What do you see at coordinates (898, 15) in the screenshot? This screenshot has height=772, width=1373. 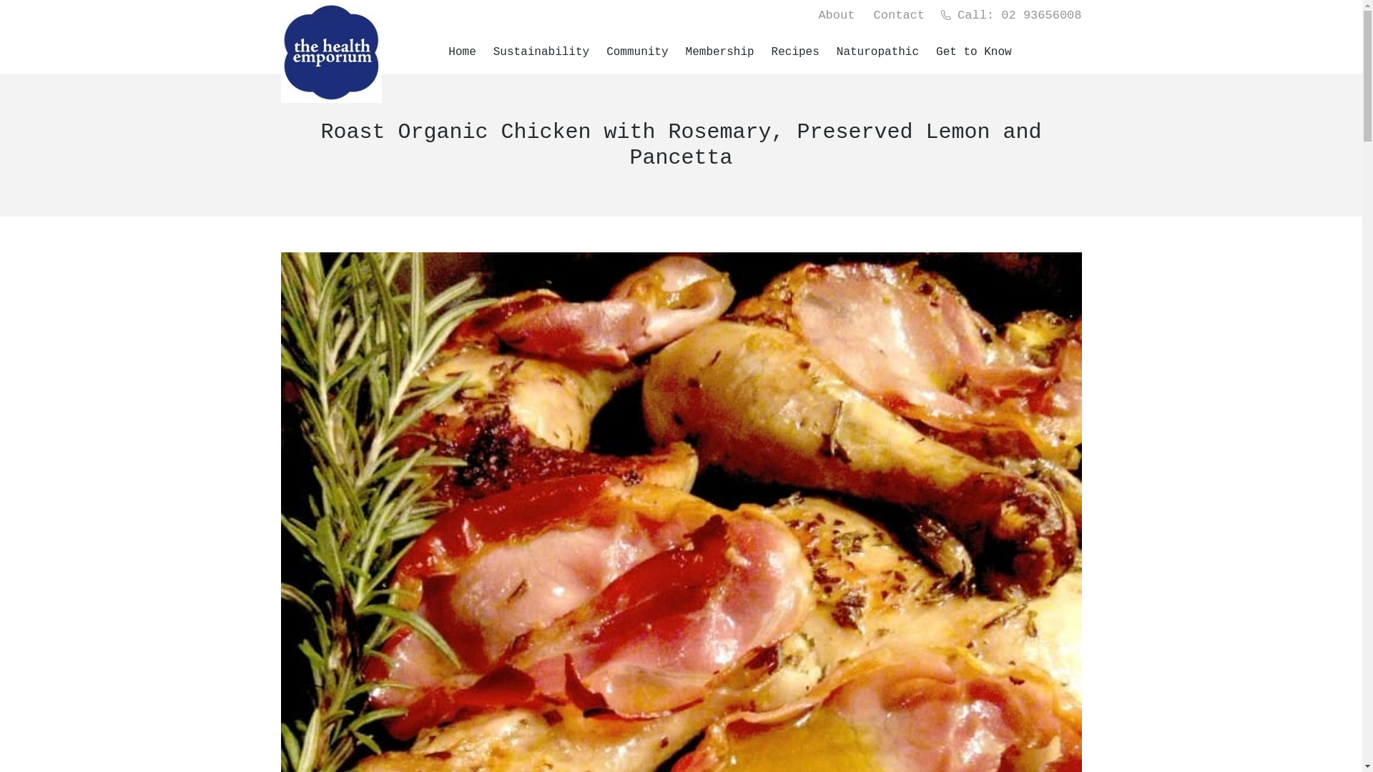 I see `'Contact'` at bounding box center [898, 15].